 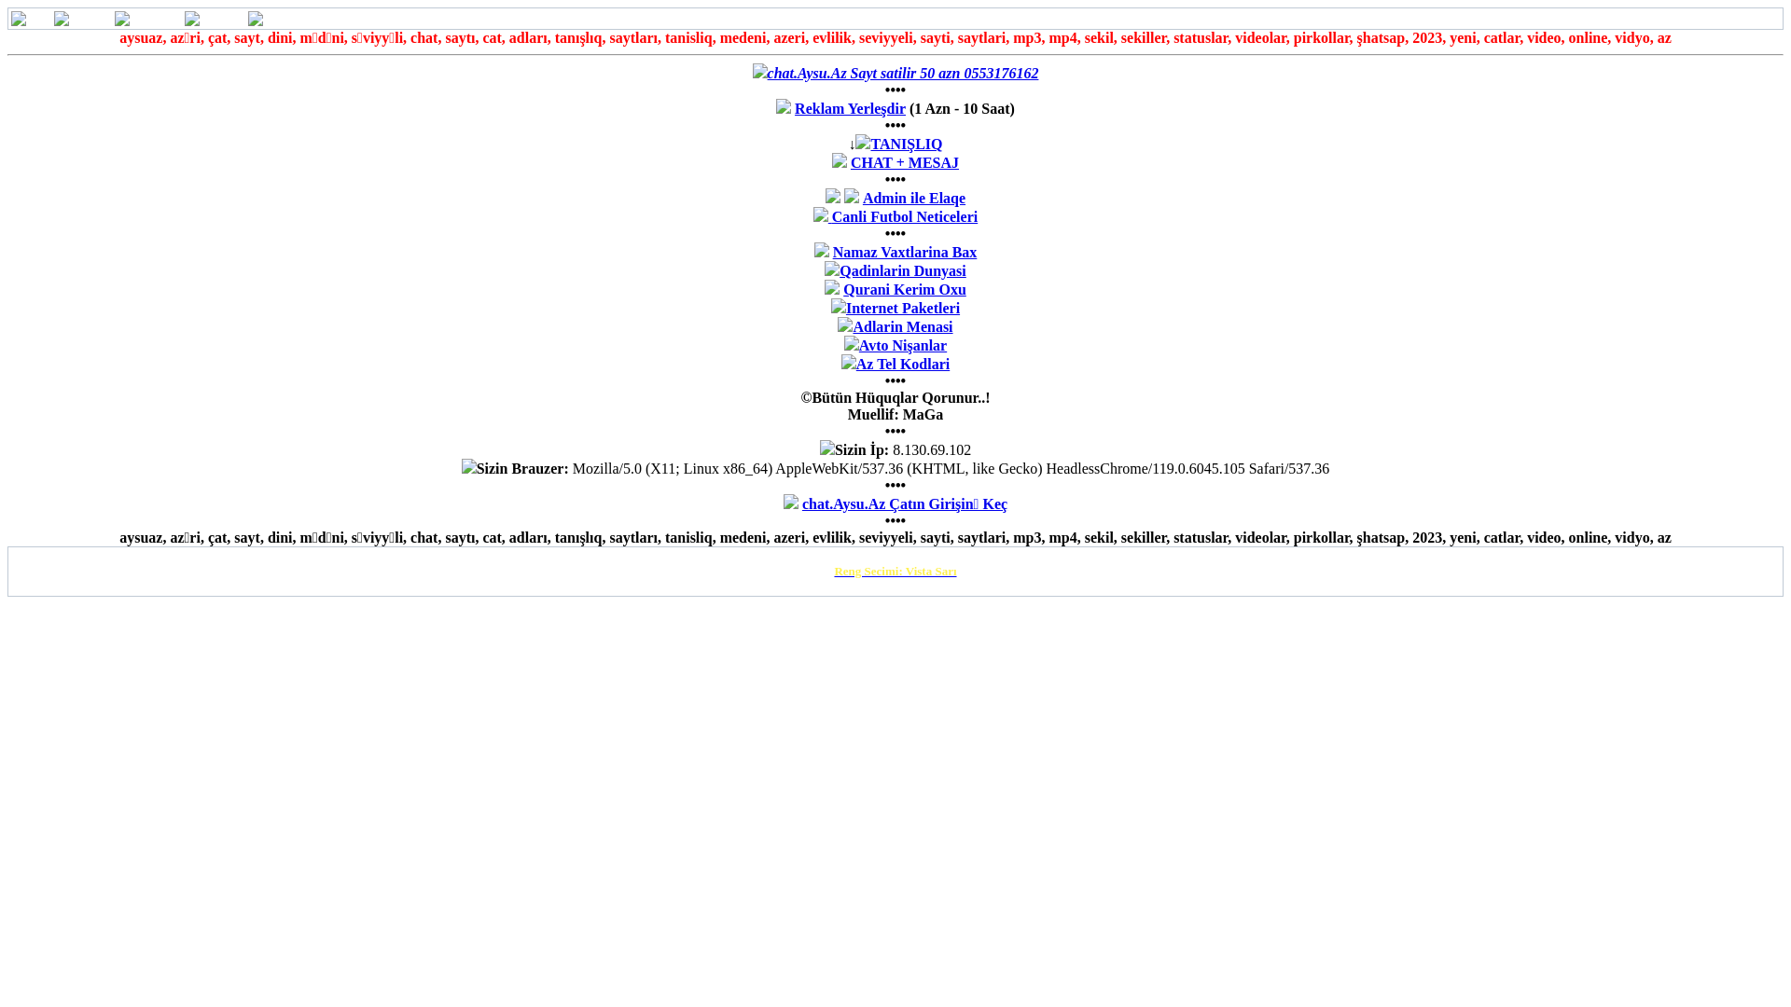 I want to click on 'Internet Paketleri', so click(x=903, y=307).